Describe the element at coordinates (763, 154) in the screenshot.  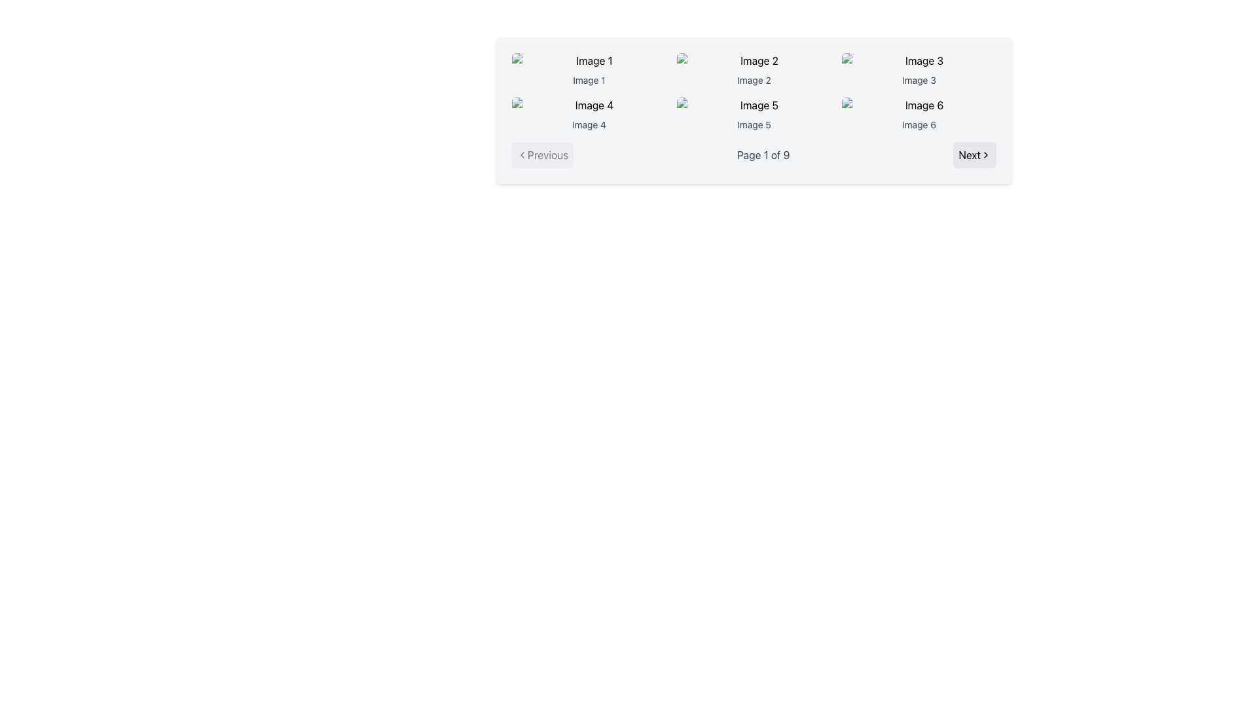
I see `the text label that displays the current page number and the total number of available pages, located at the center of the pagination bar between the 'Previous' and 'Next' buttons` at that location.